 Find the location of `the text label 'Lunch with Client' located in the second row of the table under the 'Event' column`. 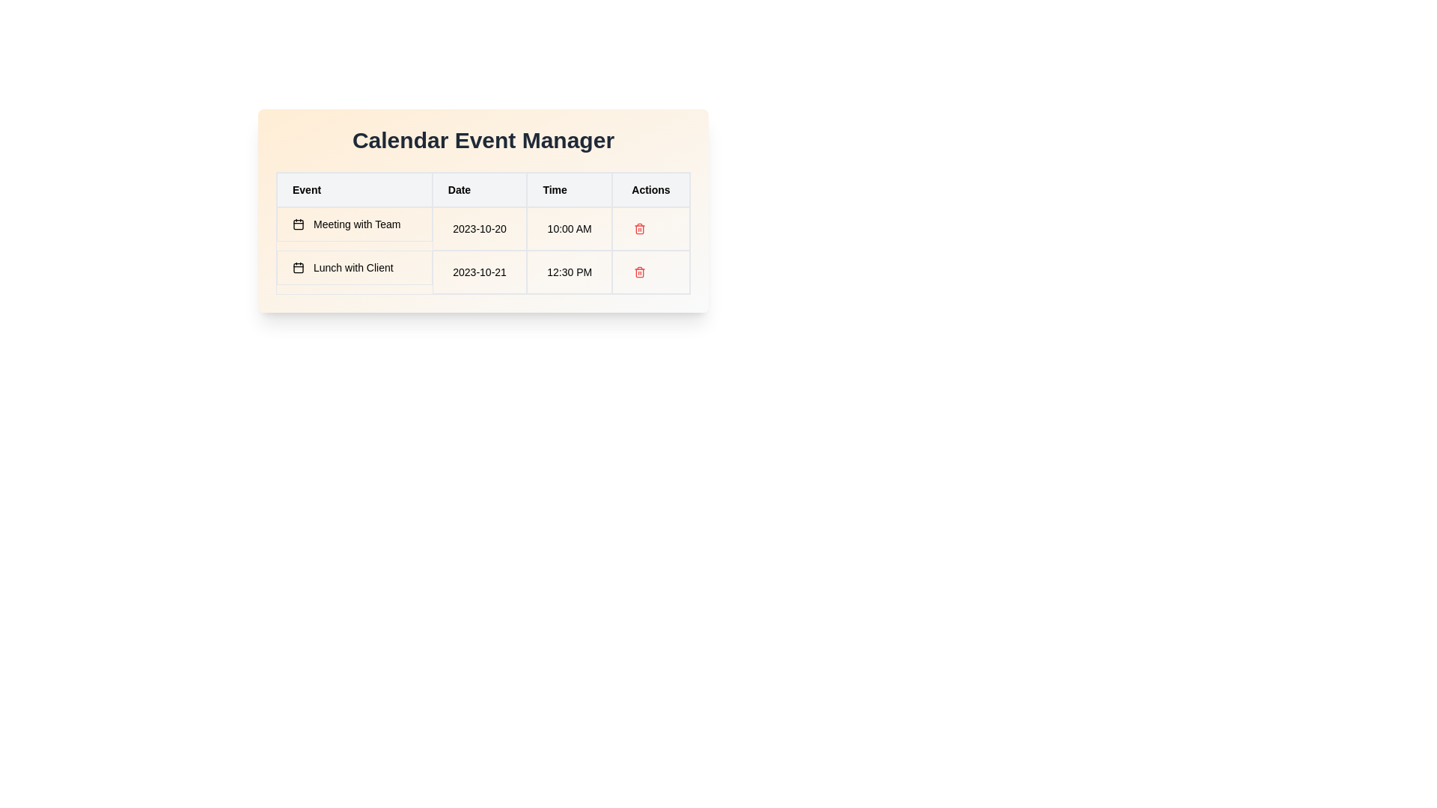

the text label 'Lunch with Client' located in the second row of the table under the 'Event' column is located at coordinates (353, 267).